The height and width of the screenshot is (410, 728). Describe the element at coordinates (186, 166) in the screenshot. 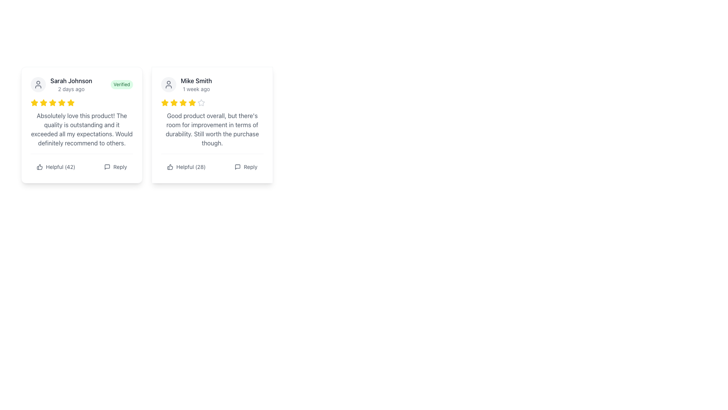

I see `'Helpful (28)' button located under the review text by 'Mike Smith', which allows users to mark the review as helpful` at that location.